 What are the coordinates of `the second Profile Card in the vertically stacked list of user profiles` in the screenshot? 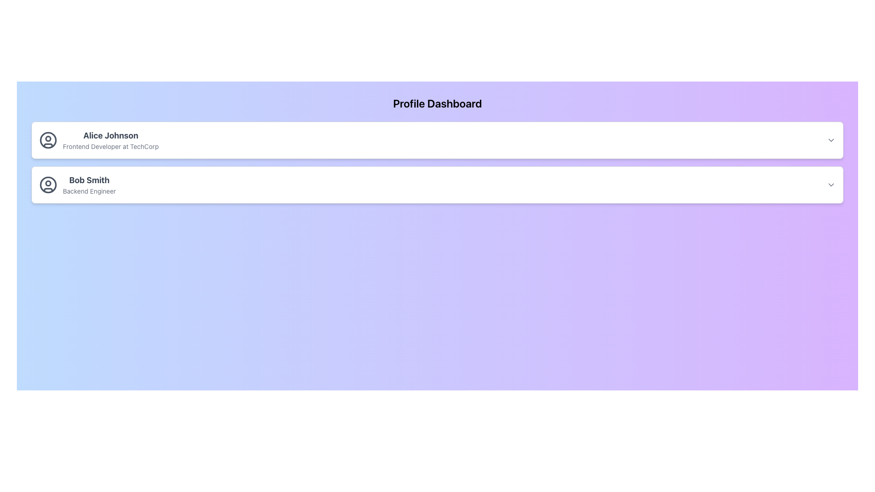 It's located at (437, 184).